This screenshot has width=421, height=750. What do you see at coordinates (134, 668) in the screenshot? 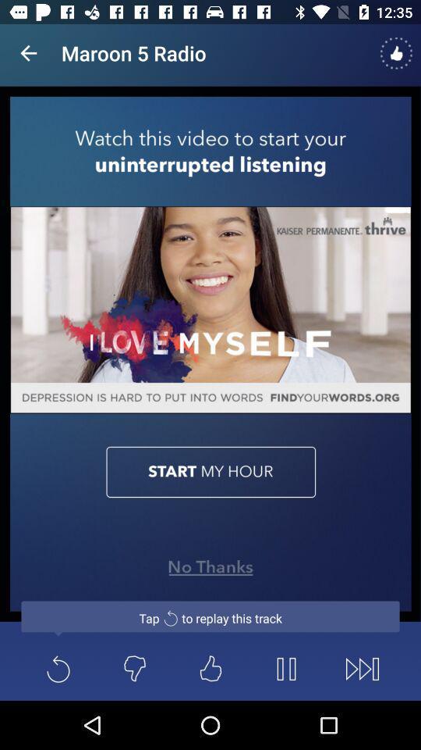
I see `the thumbs_down icon` at bounding box center [134, 668].